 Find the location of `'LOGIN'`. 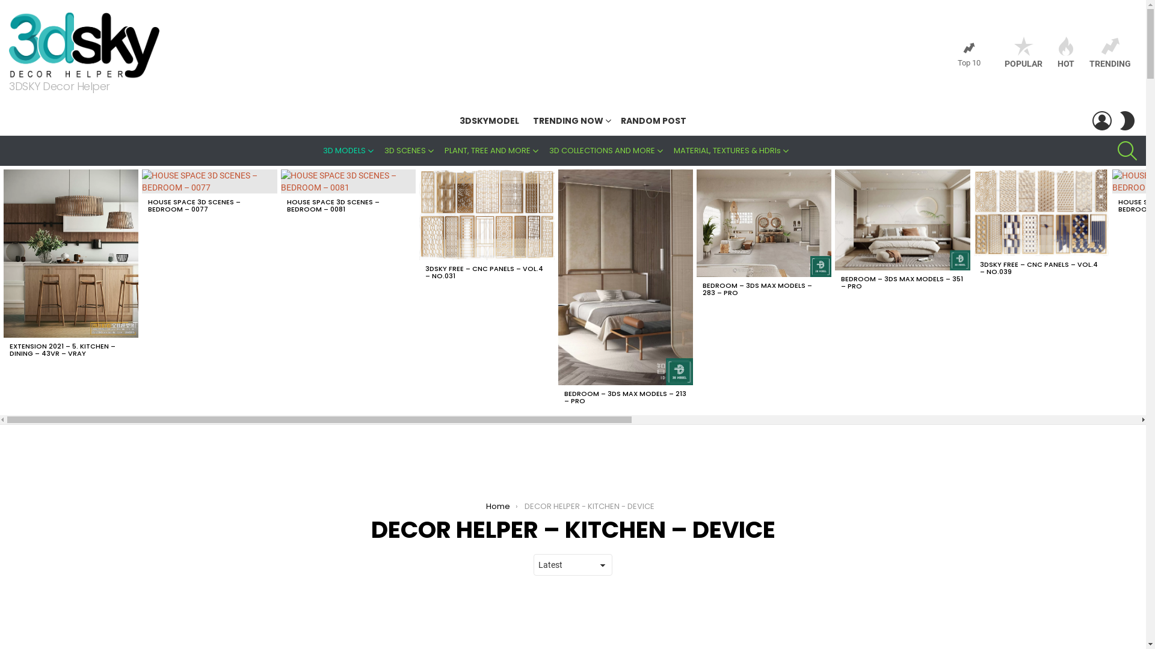

'LOGIN' is located at coordinates (1102, 120).